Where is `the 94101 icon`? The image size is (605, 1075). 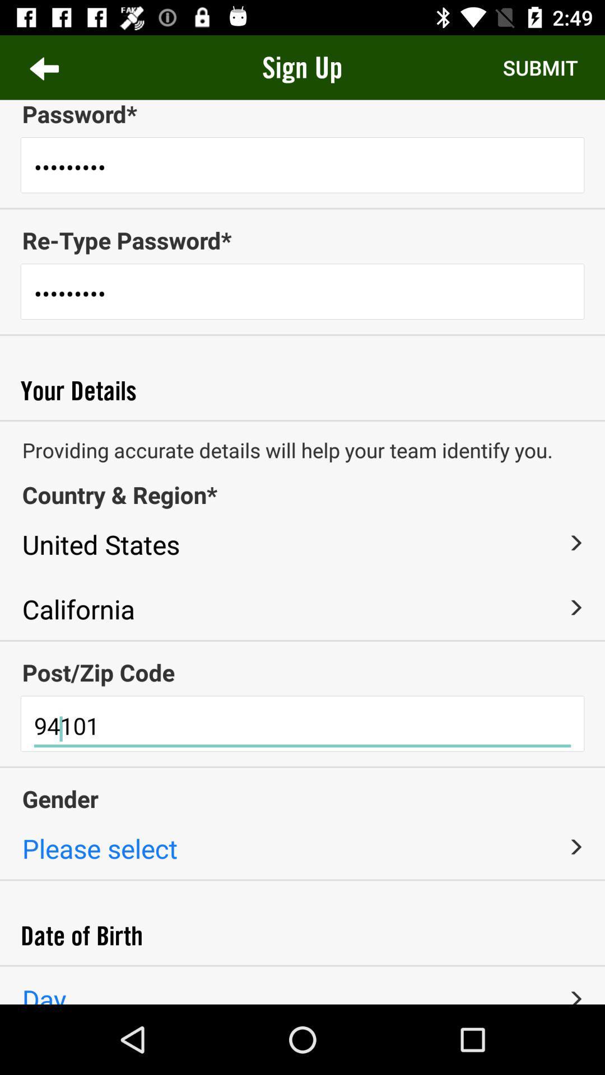 the 94101 icon is located at coordinates (302, 726).